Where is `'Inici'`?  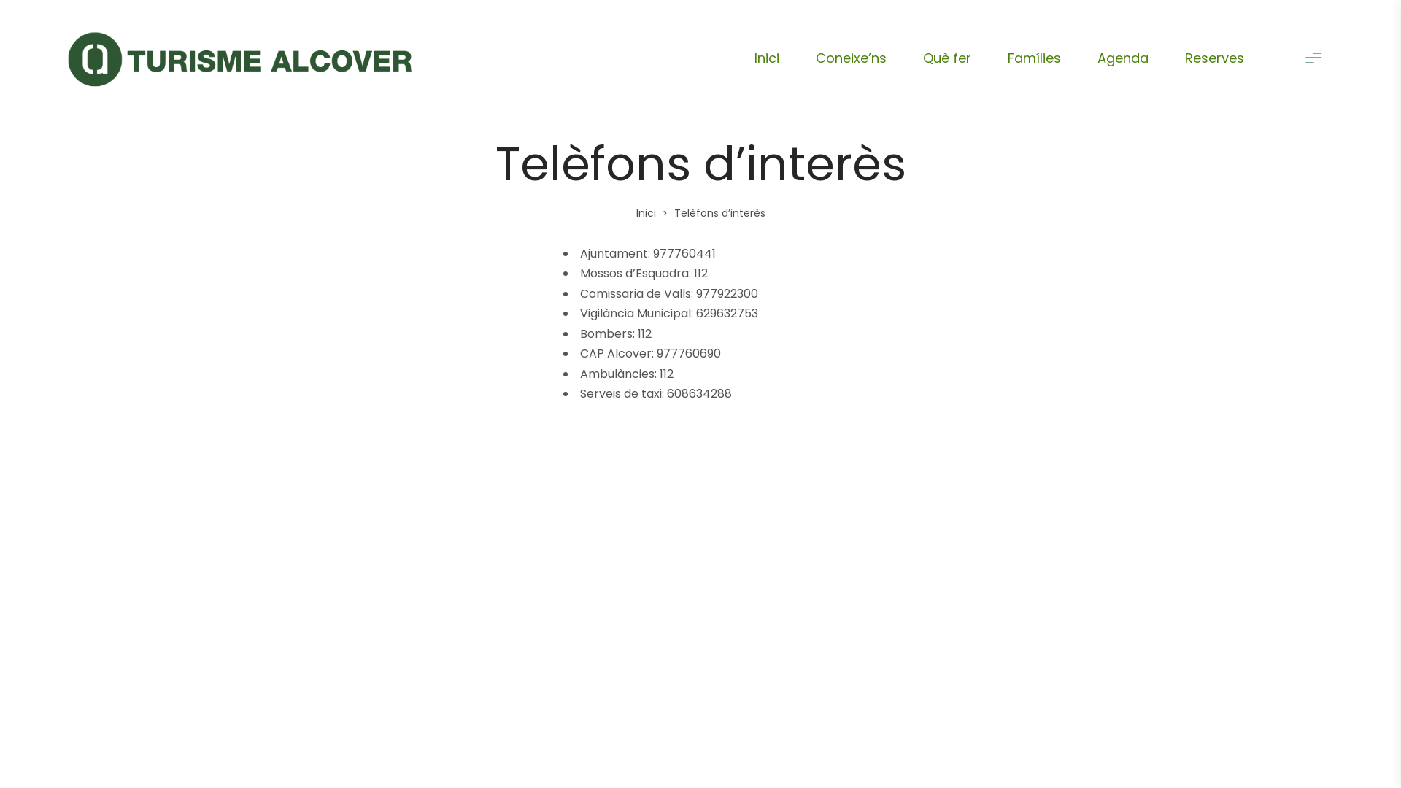
'Inici' is located at coordinates (636, 213).